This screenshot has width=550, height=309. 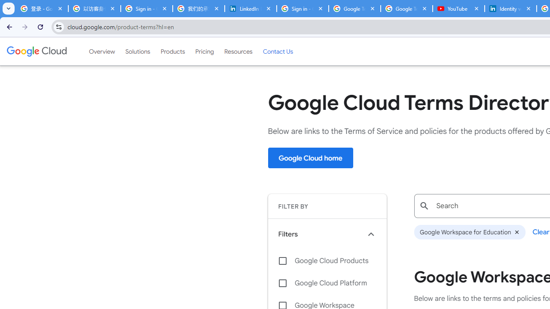 I want to click on 'Resources', so click(x=238, y=51).